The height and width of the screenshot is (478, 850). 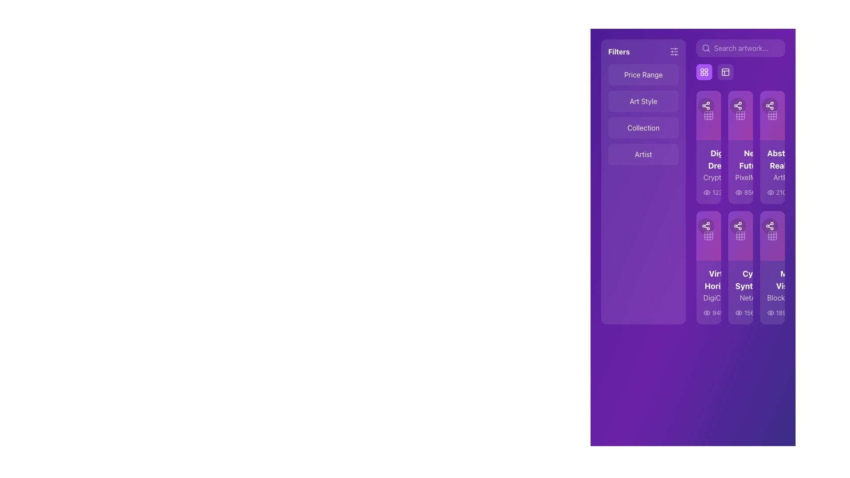 What do you see at coordinates (618, 51) in the screenshot?
I see `the bold white text label reading 'Filters' located in the top-left corner of the toolbar` at bounding box center [618, 51].